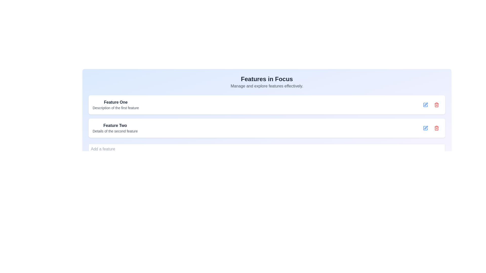  Describe the element at coordinates (436, 105) in the screenshot. I see `the delete button located to the right of the editing pen icon` at that location.